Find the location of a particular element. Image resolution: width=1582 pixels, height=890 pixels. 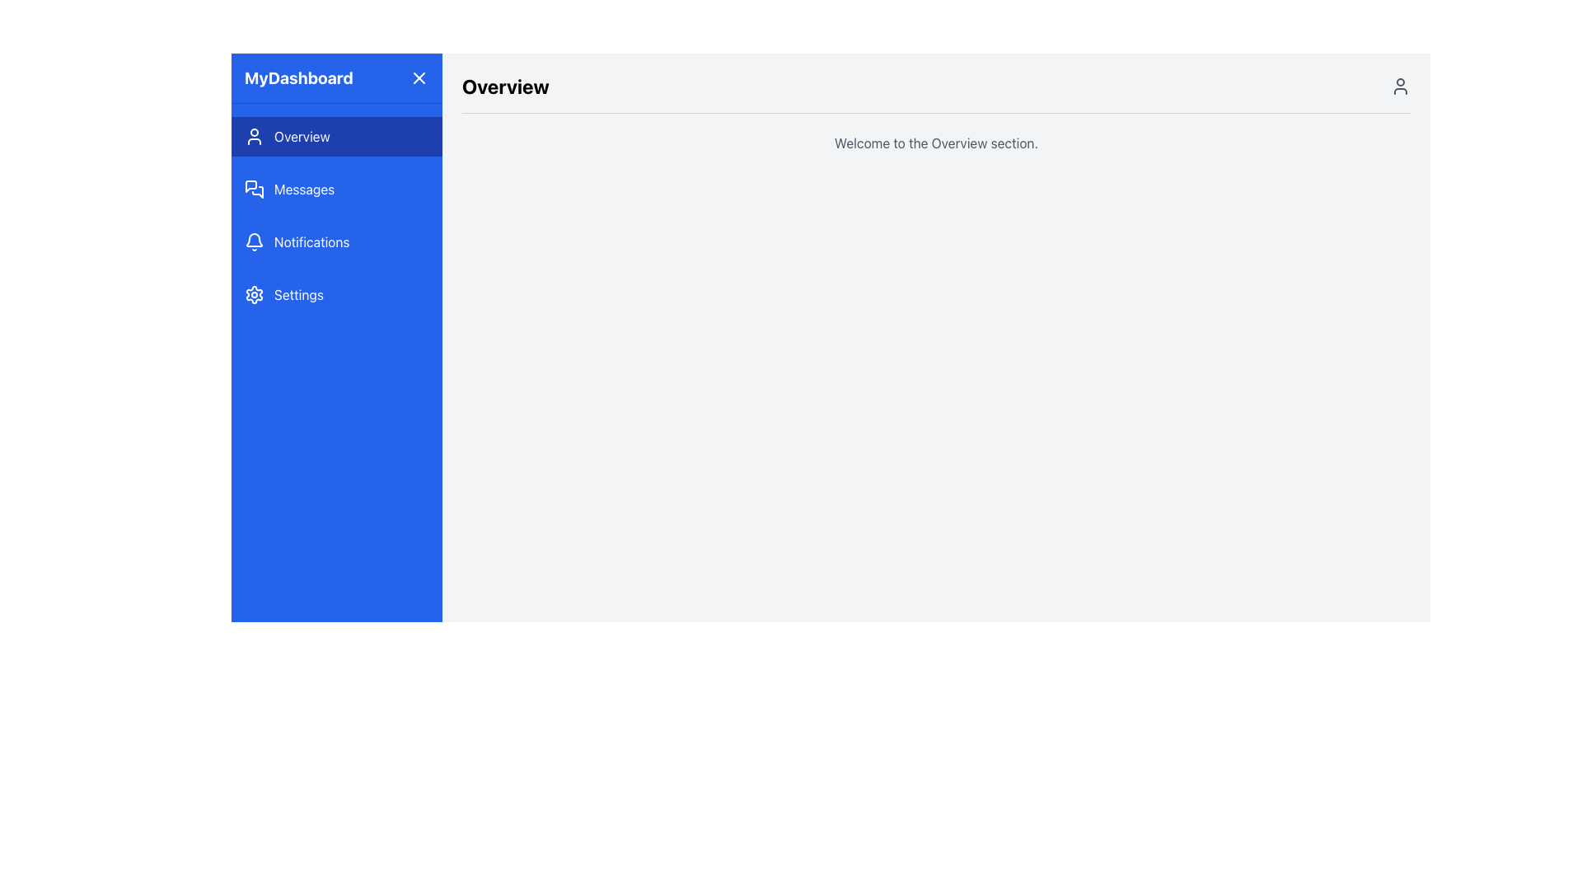

the 'Messages' navigation label in the sidebar located between 'Overview' and 'Notifications' is located at coordinates (304, 189).